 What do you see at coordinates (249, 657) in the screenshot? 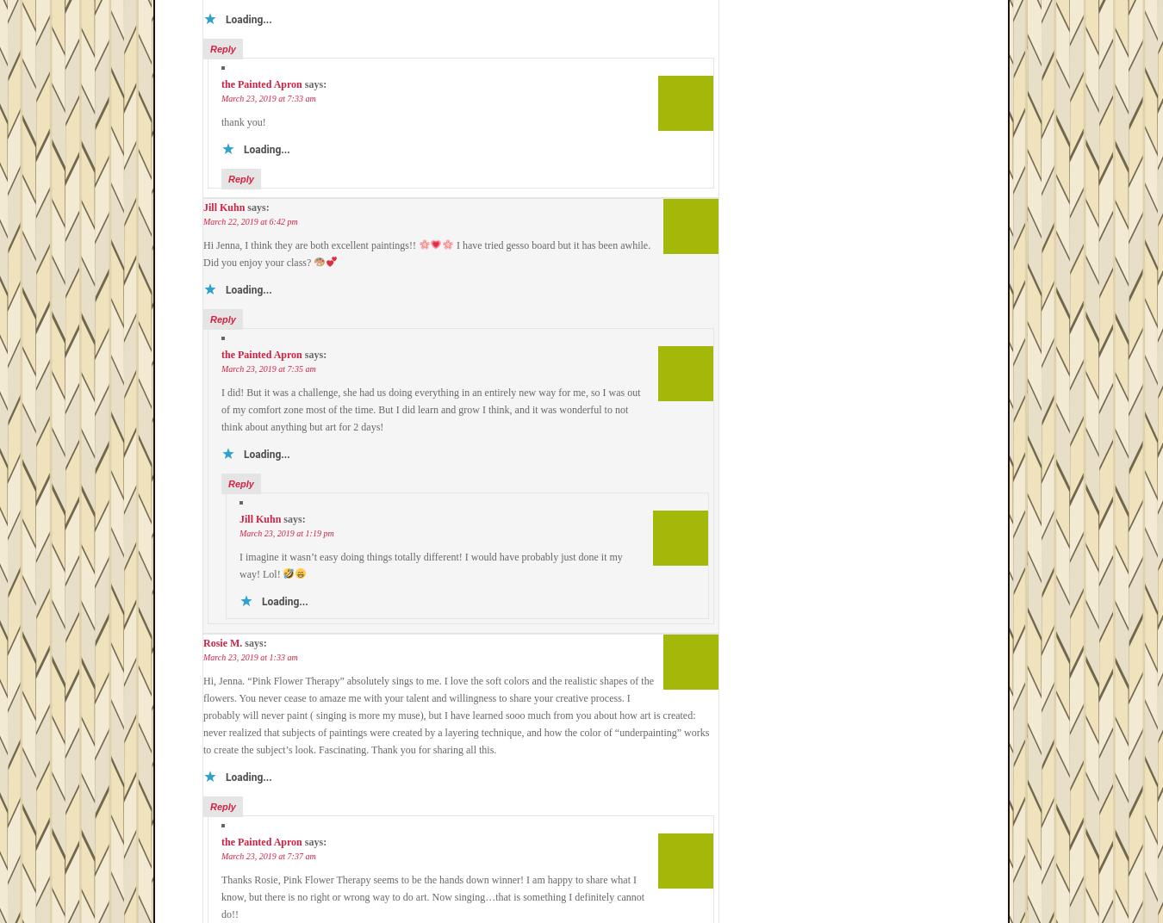
I see `'March 23, 2019 at 1:33 am'` at bounding box center [249, 657].